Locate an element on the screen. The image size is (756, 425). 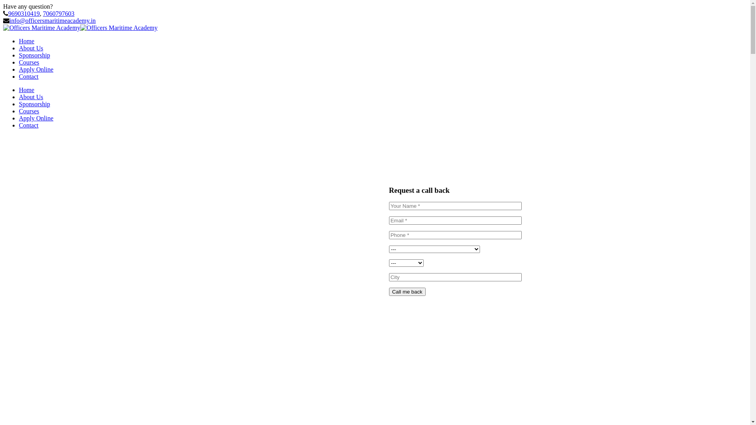
'Contact' is located at coordinates (28, 76).